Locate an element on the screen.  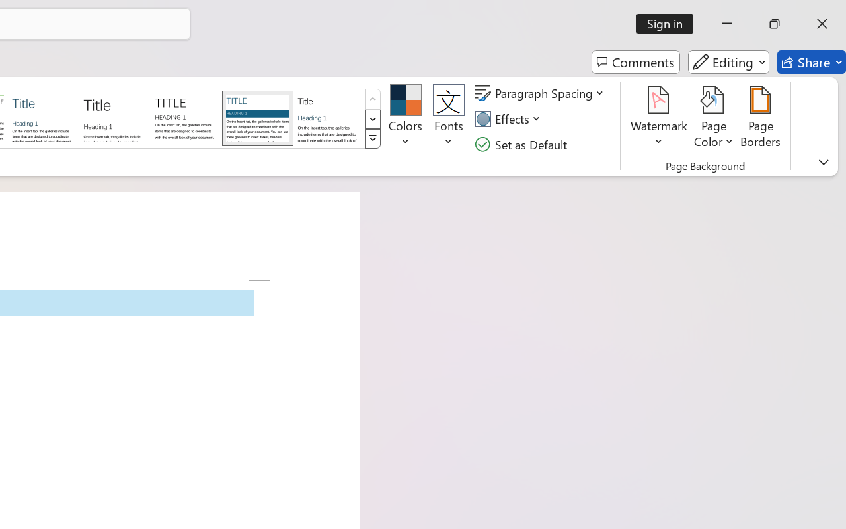
'Watermark' is located at coordinates (659, 118).